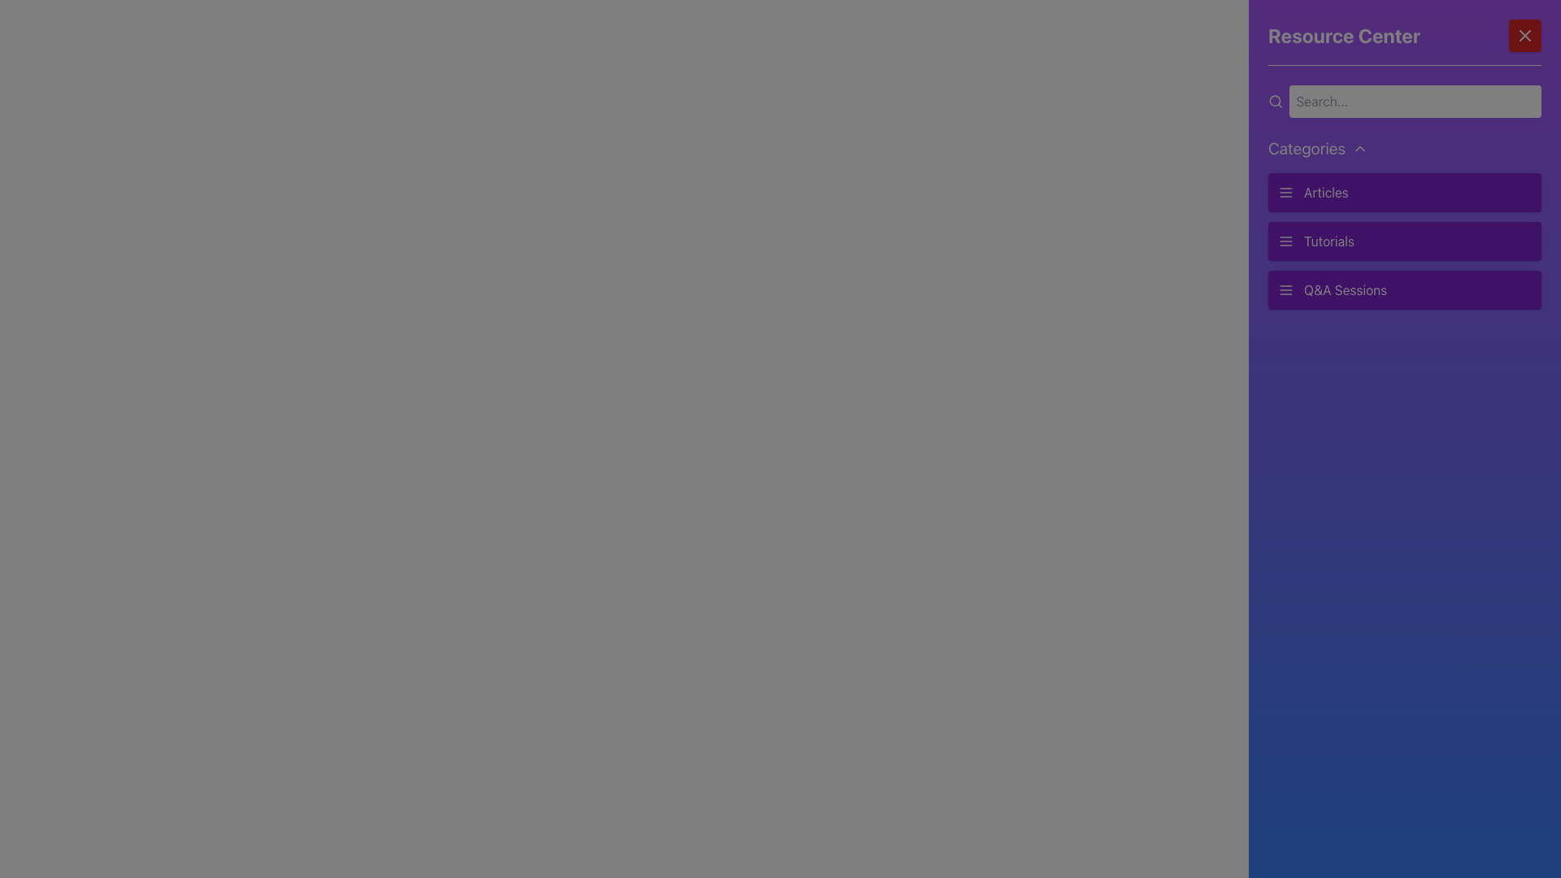  I want to click on the menu icon with three horizontal lines, located to the left of the 'Articles' text, so click(1285, 191).